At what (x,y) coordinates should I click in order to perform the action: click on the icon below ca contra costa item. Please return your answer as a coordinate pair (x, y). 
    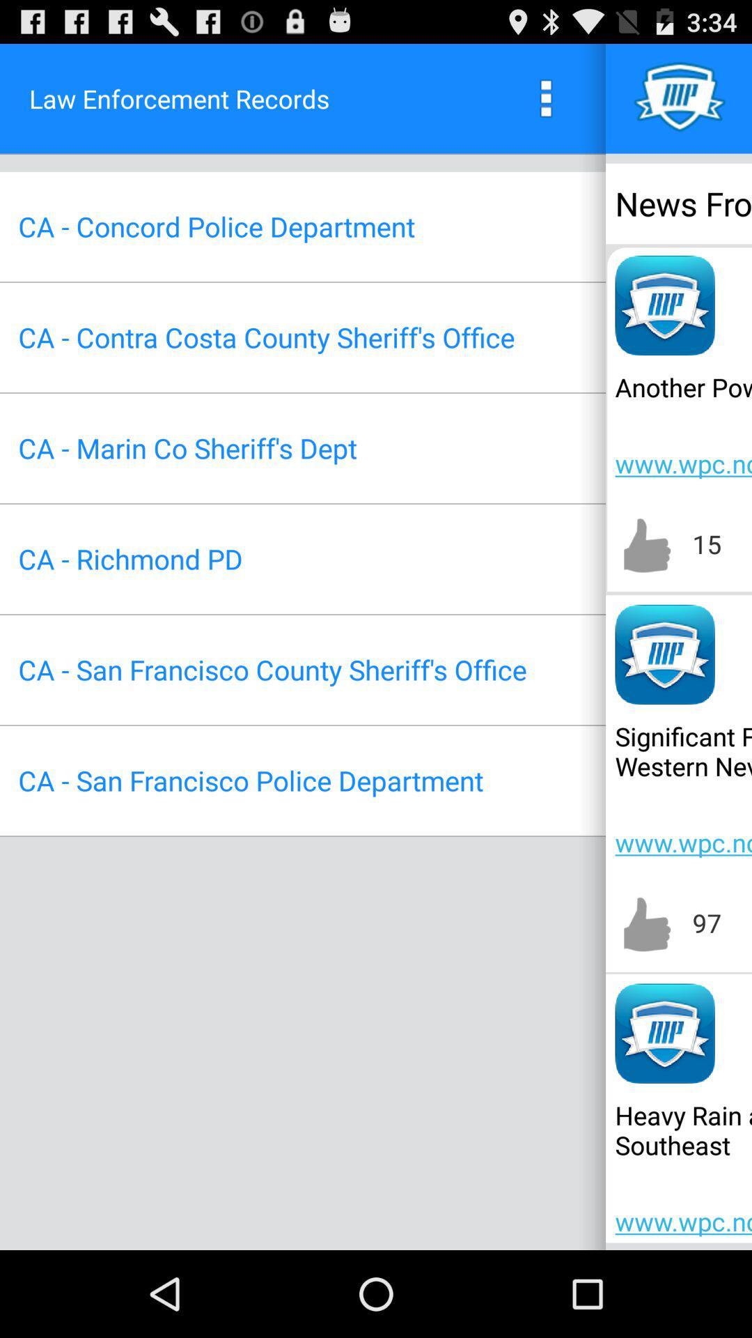
    Looking at the image, I should click on (187, 448).